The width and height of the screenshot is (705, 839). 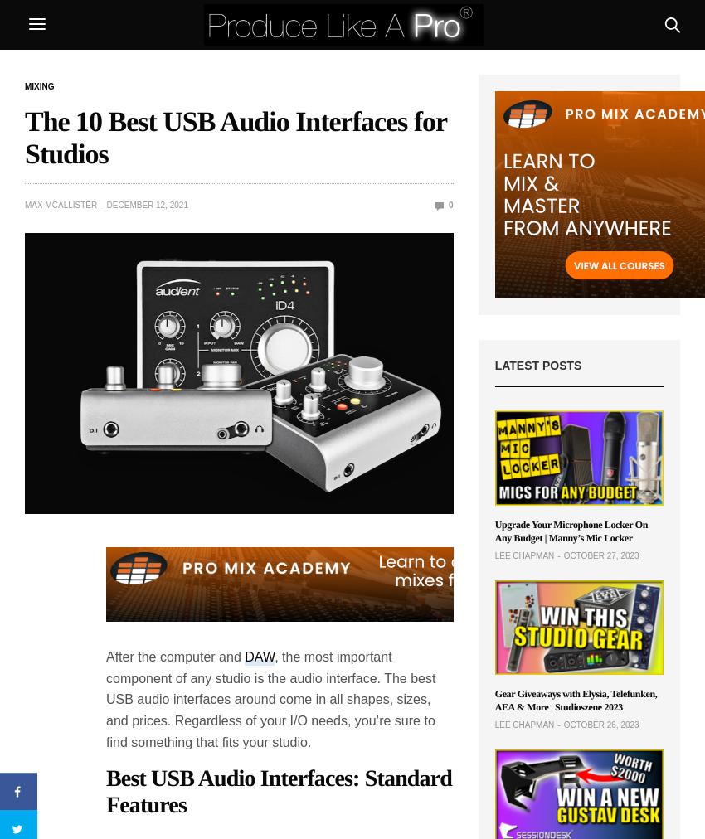 What do you see at coordinates (61, 205) in the screenshot?
I see `'Max McAllister'` at bounding box center [61, 205].